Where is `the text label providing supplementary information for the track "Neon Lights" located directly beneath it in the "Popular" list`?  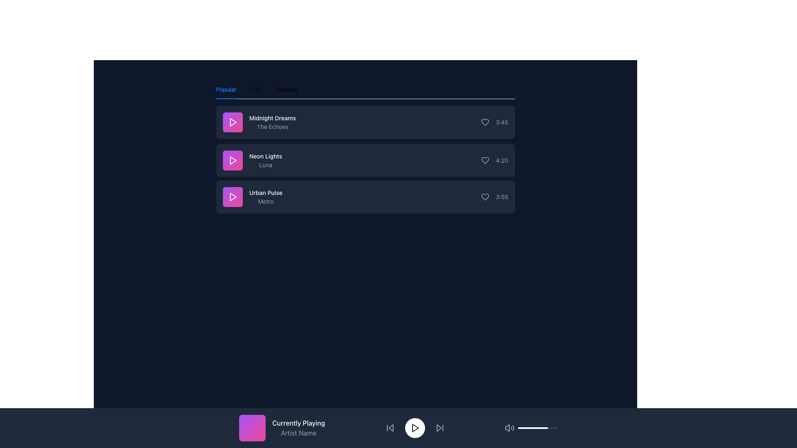
the text label providing supplementary information for the track "Neon Lights" located directly beneath it in the "Popular" list is located at coordinates (266, 165).